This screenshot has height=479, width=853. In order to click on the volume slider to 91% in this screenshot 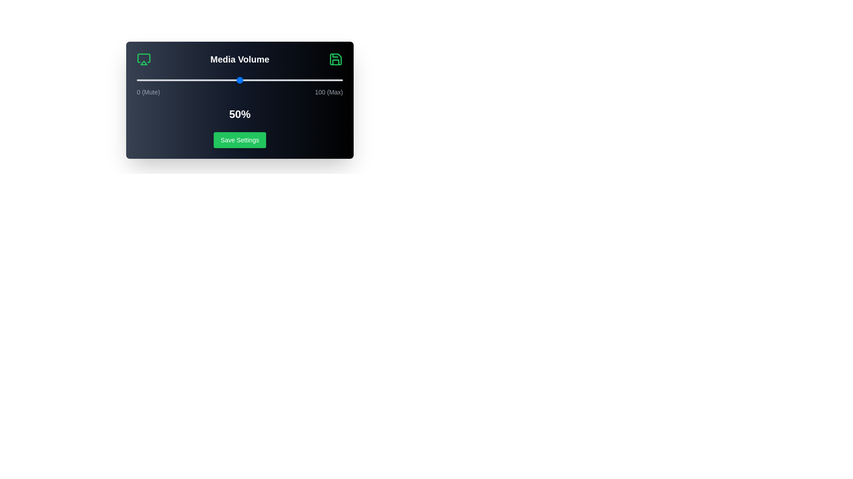, I will do `click(324, 80)`.